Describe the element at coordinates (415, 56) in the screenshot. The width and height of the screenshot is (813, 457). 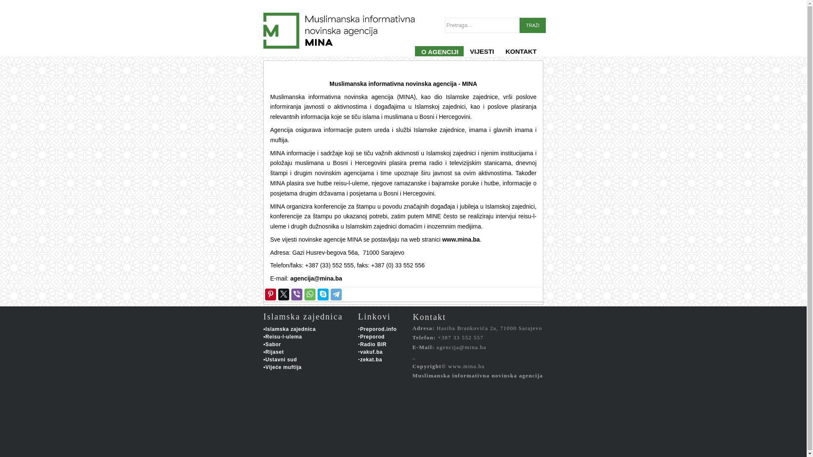
I see `'O AGENCIJI'` at that location.